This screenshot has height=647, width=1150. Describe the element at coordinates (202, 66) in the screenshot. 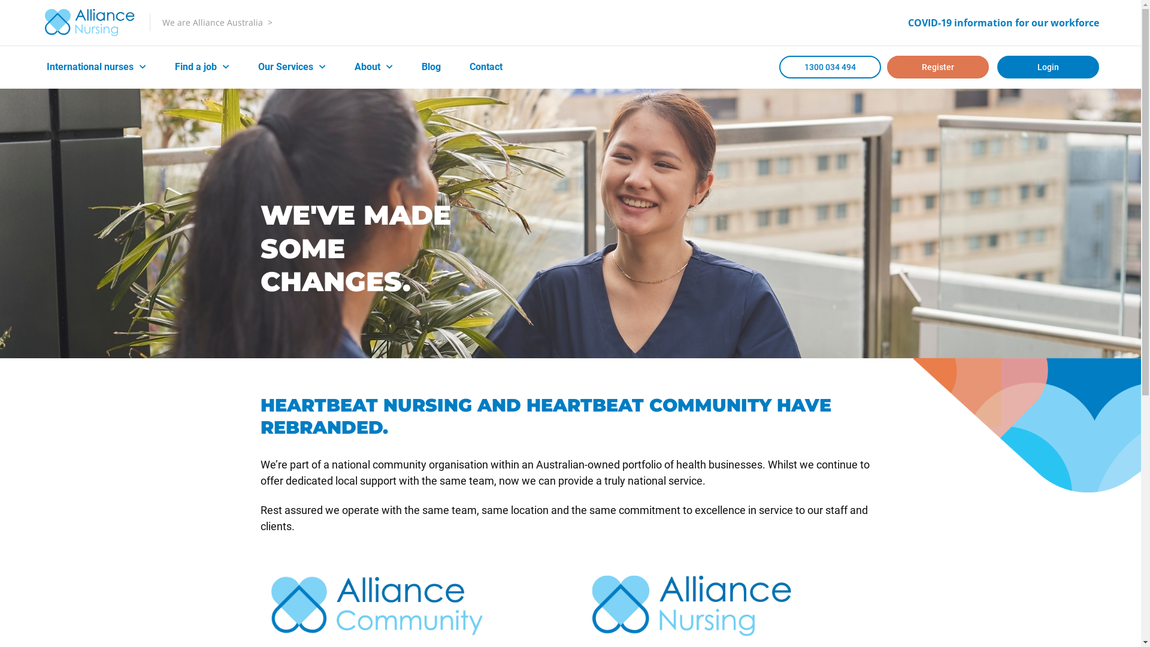

I see `'Find a job'` at that location.